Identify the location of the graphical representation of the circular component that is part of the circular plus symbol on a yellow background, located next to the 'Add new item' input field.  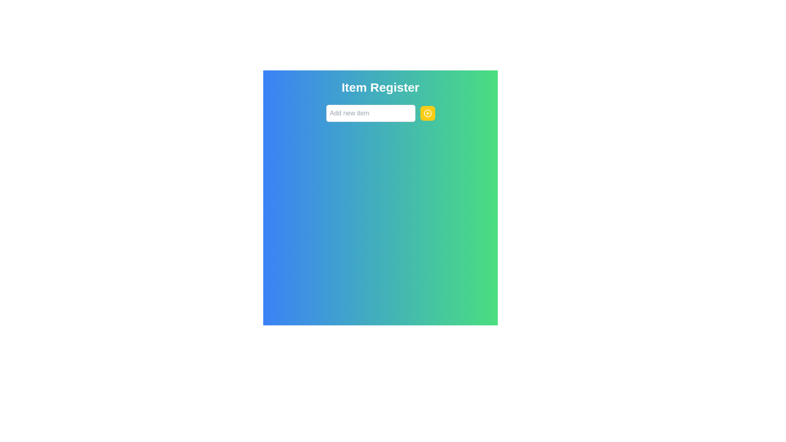
(427, 113).